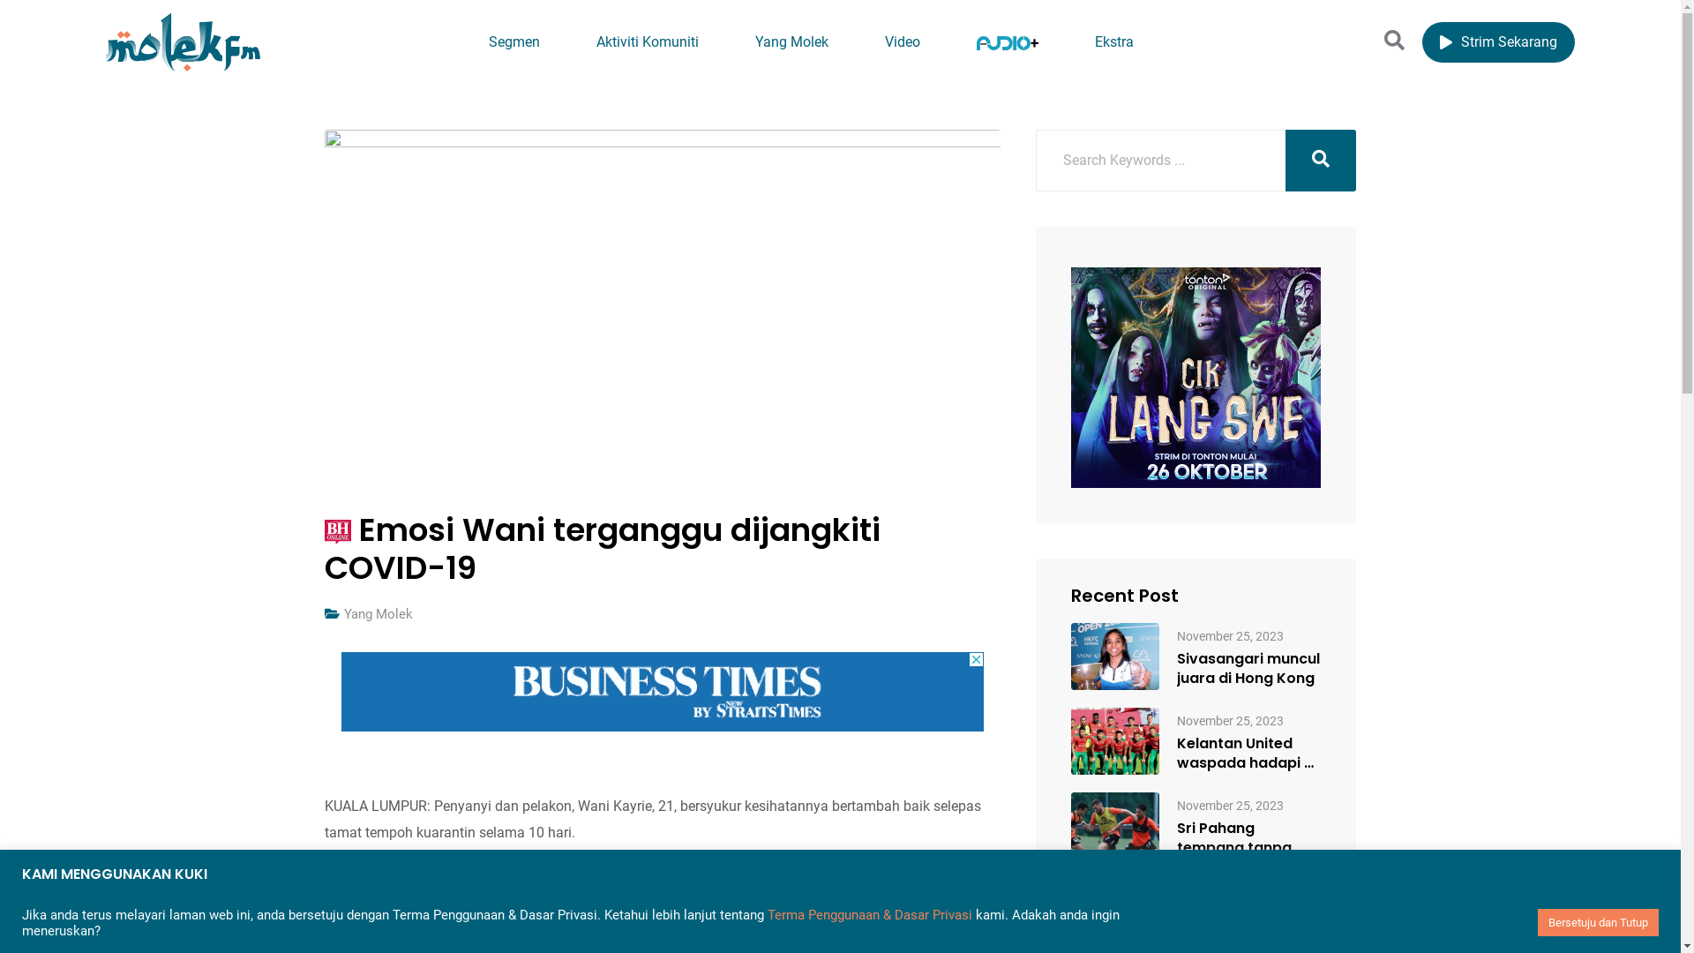 This screenshot has width=1694, height=953. Describe the element at coordinates (1383, 40) in the screenshot. I see `'Search'` at that location.